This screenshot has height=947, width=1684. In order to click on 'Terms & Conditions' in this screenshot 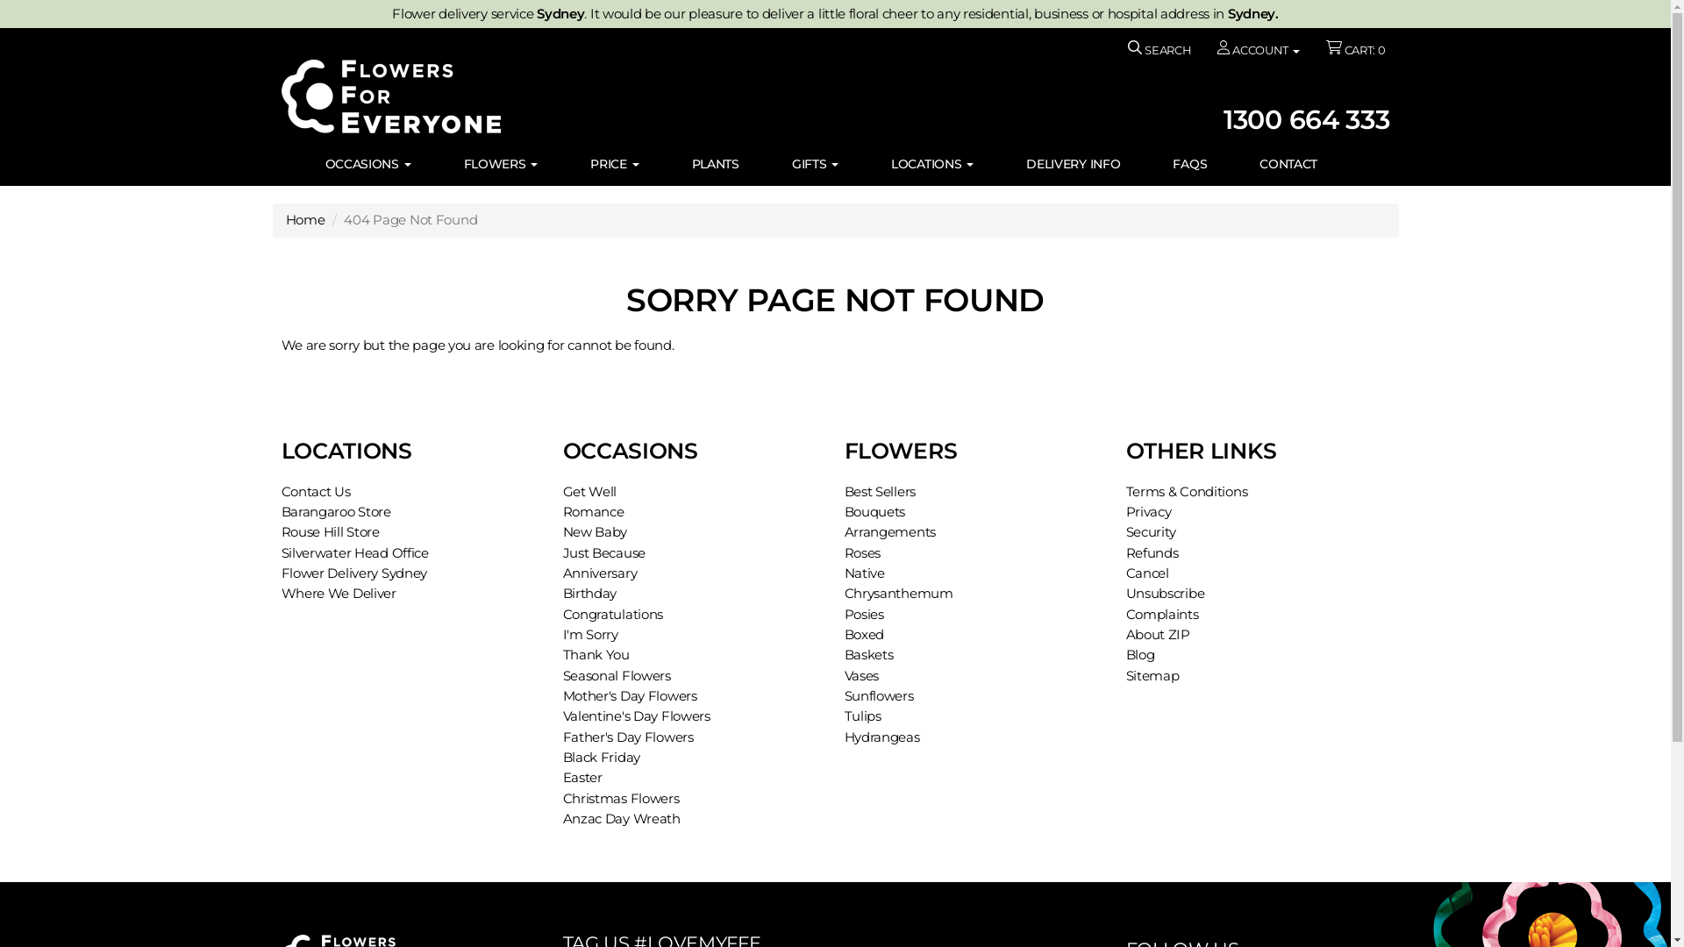, I will do `click(1187, 491)`.